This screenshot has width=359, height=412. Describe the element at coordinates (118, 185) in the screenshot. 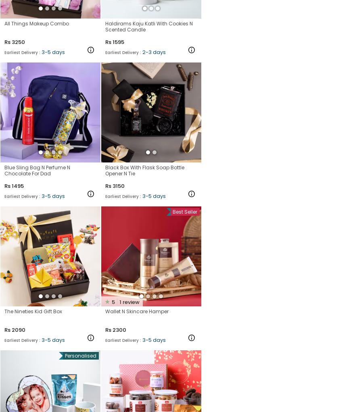

I see `'3150'` at that location.